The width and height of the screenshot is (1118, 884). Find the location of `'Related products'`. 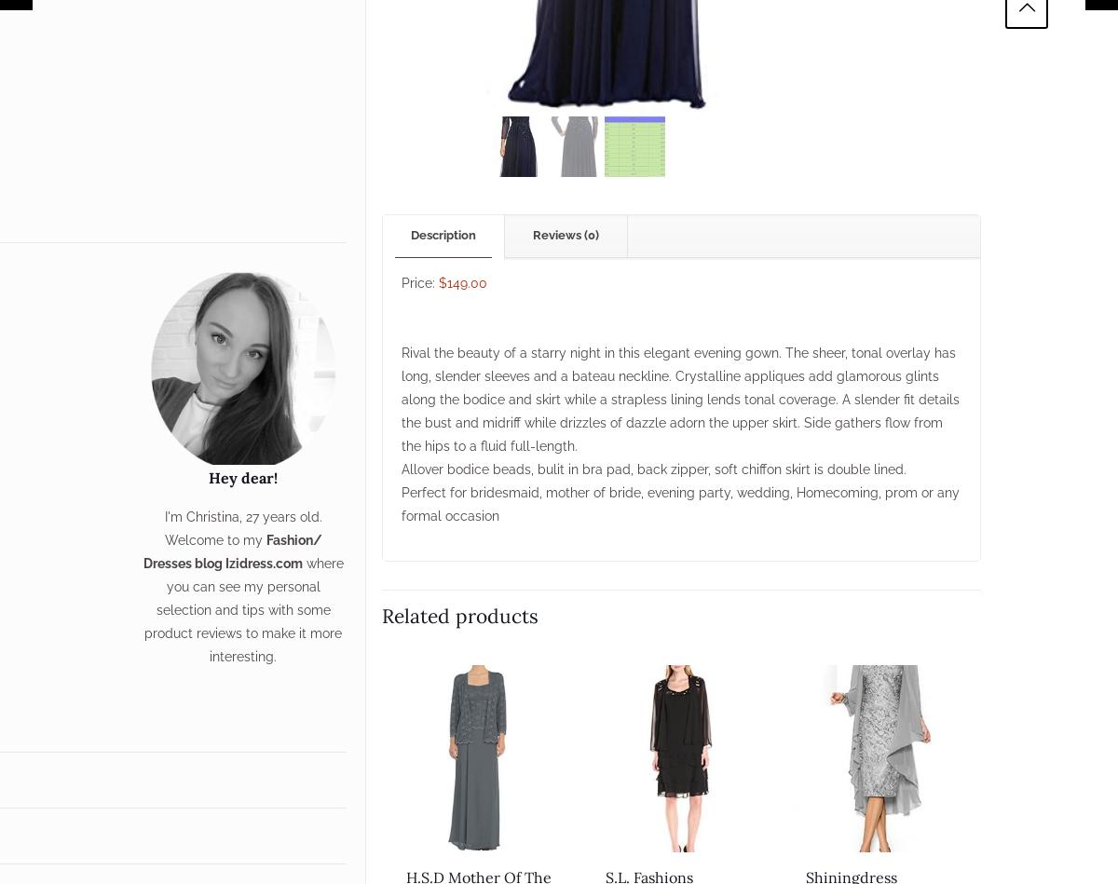

'Related products' is located at coordinates (380, 615).